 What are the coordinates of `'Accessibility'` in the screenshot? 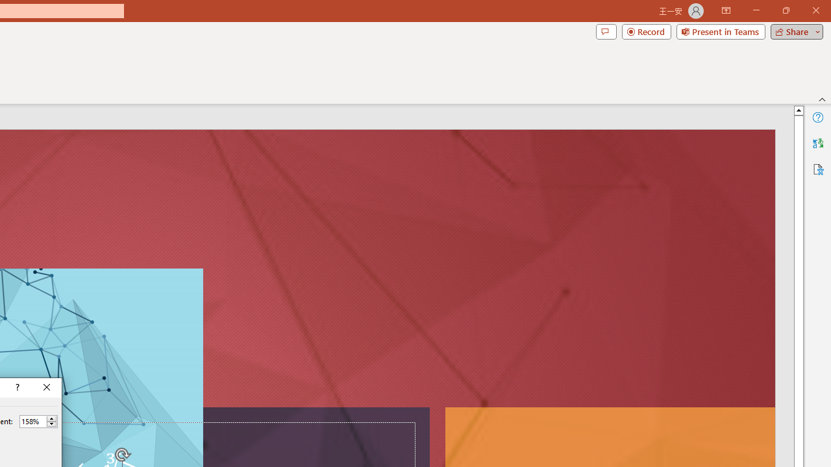 It's located at (817, 169).